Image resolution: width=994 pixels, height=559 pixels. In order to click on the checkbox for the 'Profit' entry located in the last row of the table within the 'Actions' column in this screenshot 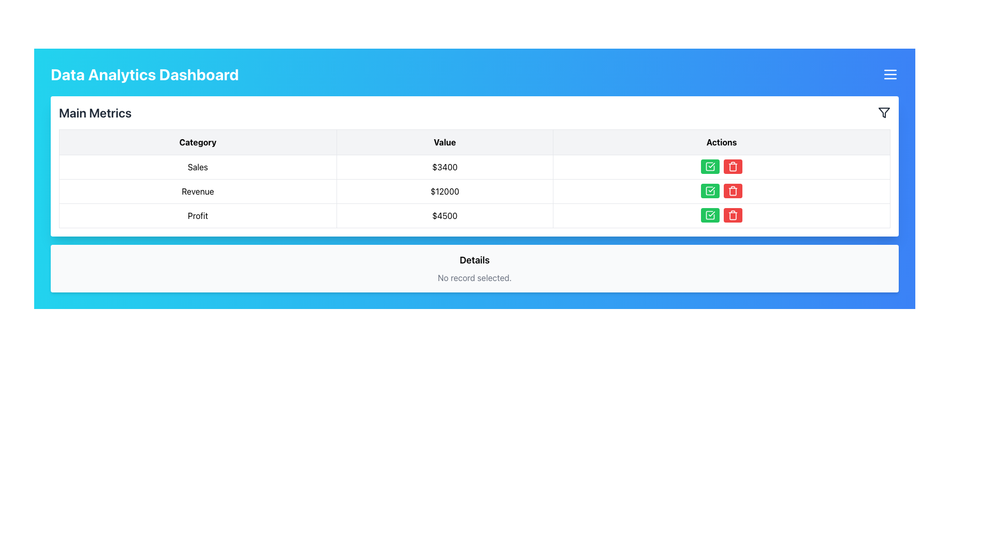, I will do `click(710, 215)`.